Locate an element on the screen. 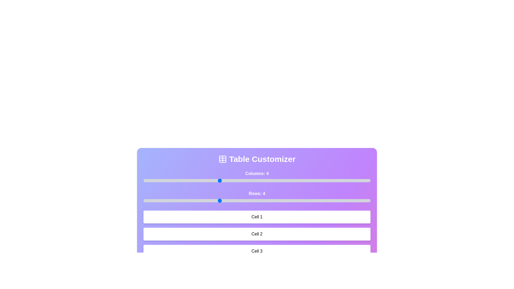 The width and height of the screenshot is (514, 289). the number of rows by setting the slider to 6 rows is located at coordinates (294, 200).